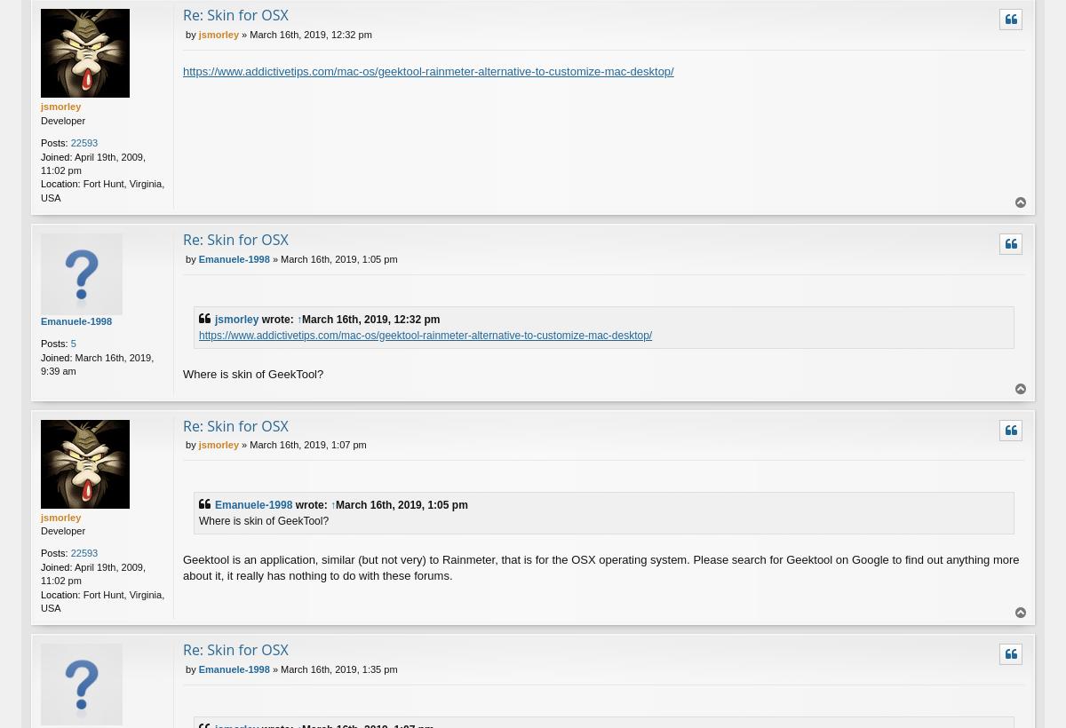 Image resolution: width=1066 pixels, height=728 pixels. What do you see at coordinates (72, 344) in the screenshot?
I see `'5'` at bounding box center [72, 344].